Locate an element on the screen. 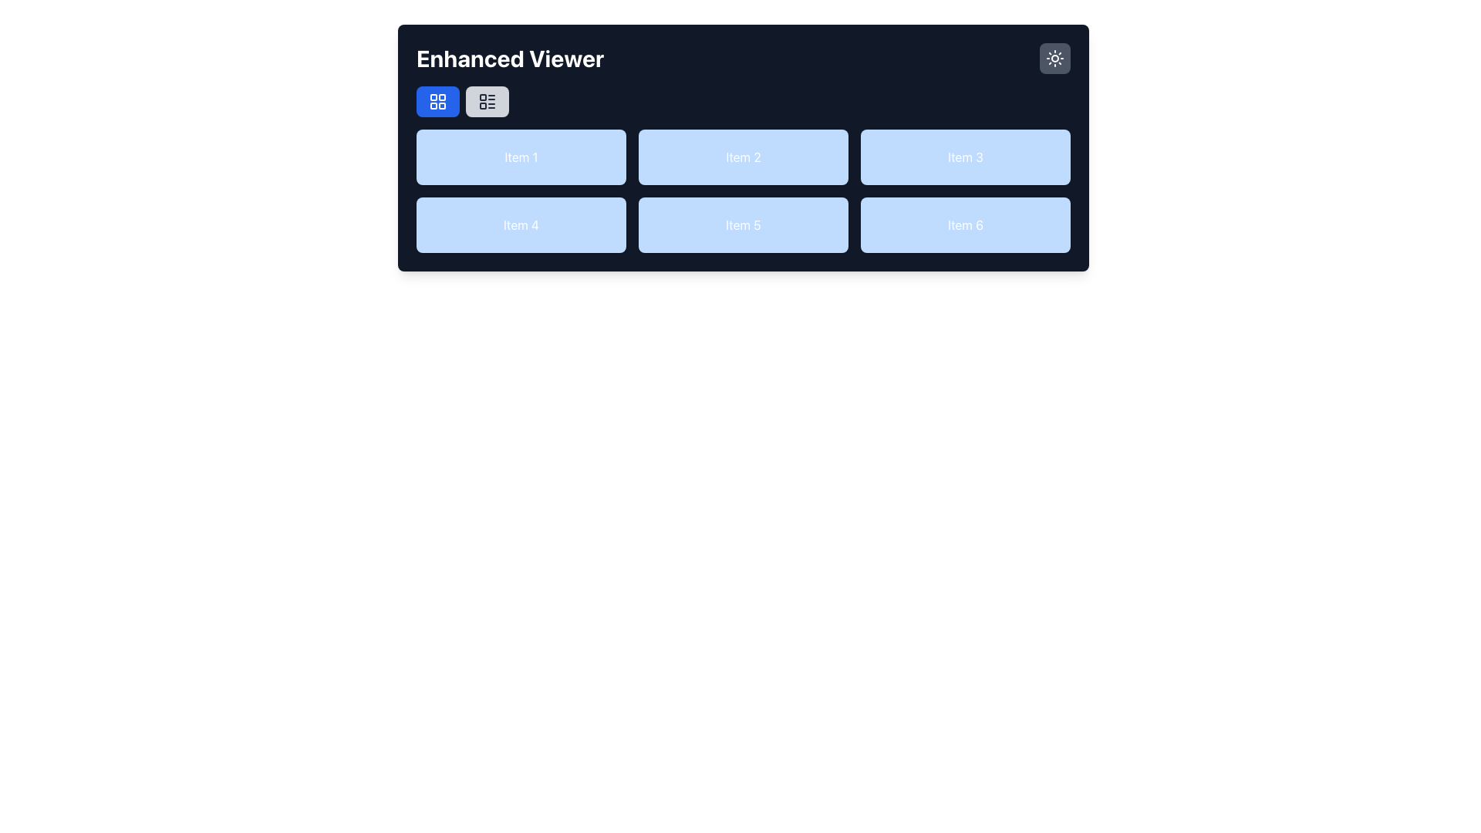 Image resolution: width=1481 pixels, height=833 pixels. the static label displaying 'Item 6' which is located in the lower-right corner of the grid layout, specifically the third column of the second row is located at coordinates (965, 225).